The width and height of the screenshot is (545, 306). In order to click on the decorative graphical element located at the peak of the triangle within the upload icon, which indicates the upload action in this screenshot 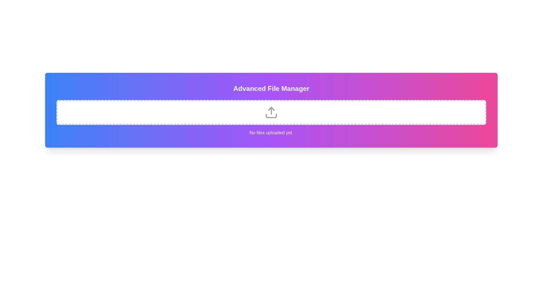, I will do `click(271, 109)`.